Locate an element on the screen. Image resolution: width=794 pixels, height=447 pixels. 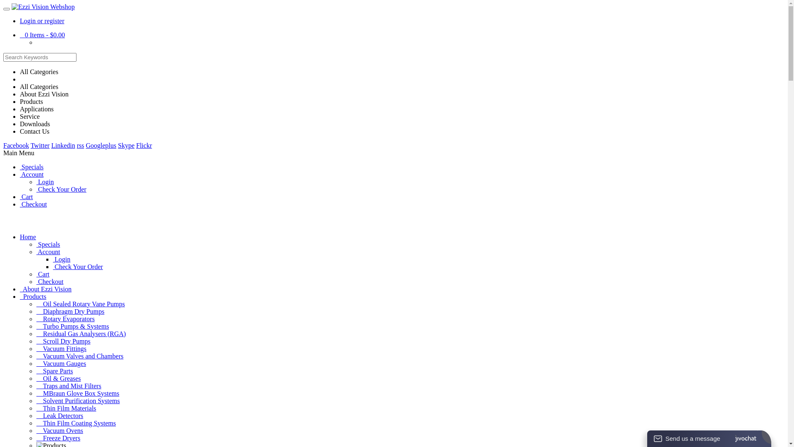
'    Oil & Greases' is located at coordinates (58, 378).